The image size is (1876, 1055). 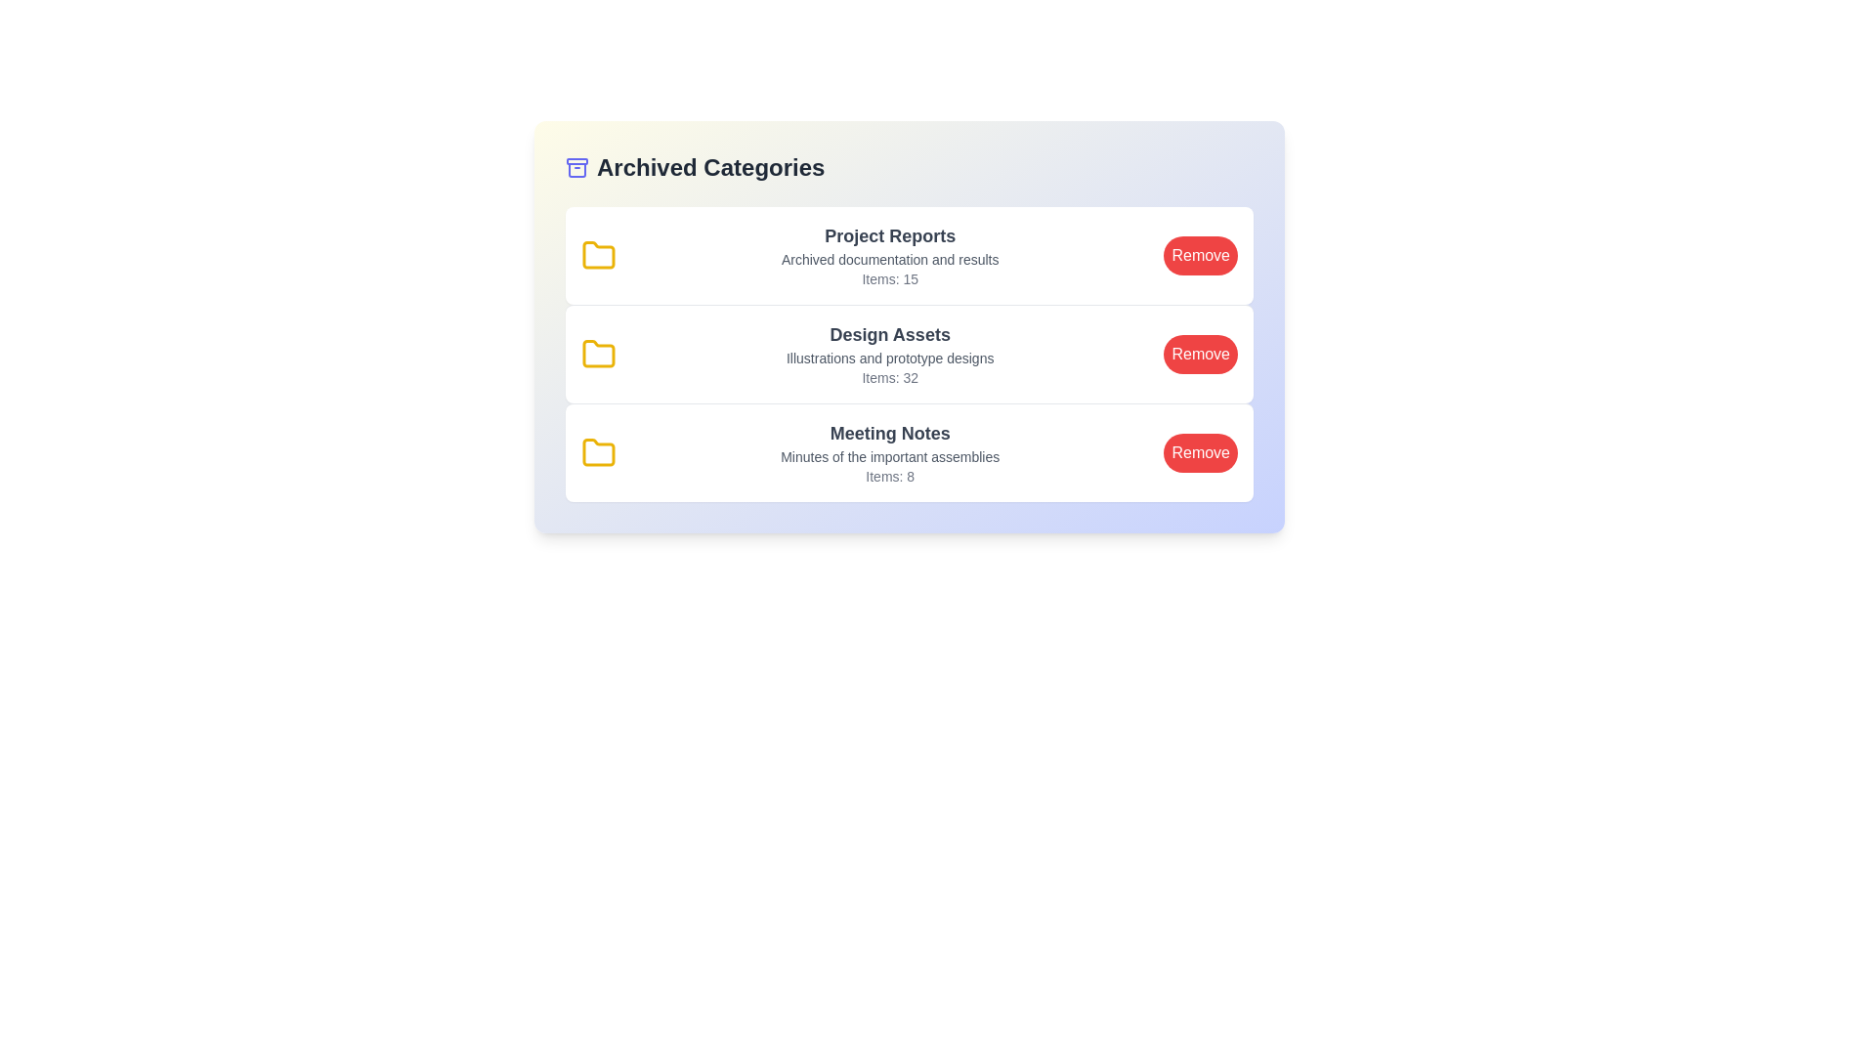 I want to click on the category Project Reports to read its details, so click(x=909, y=255).